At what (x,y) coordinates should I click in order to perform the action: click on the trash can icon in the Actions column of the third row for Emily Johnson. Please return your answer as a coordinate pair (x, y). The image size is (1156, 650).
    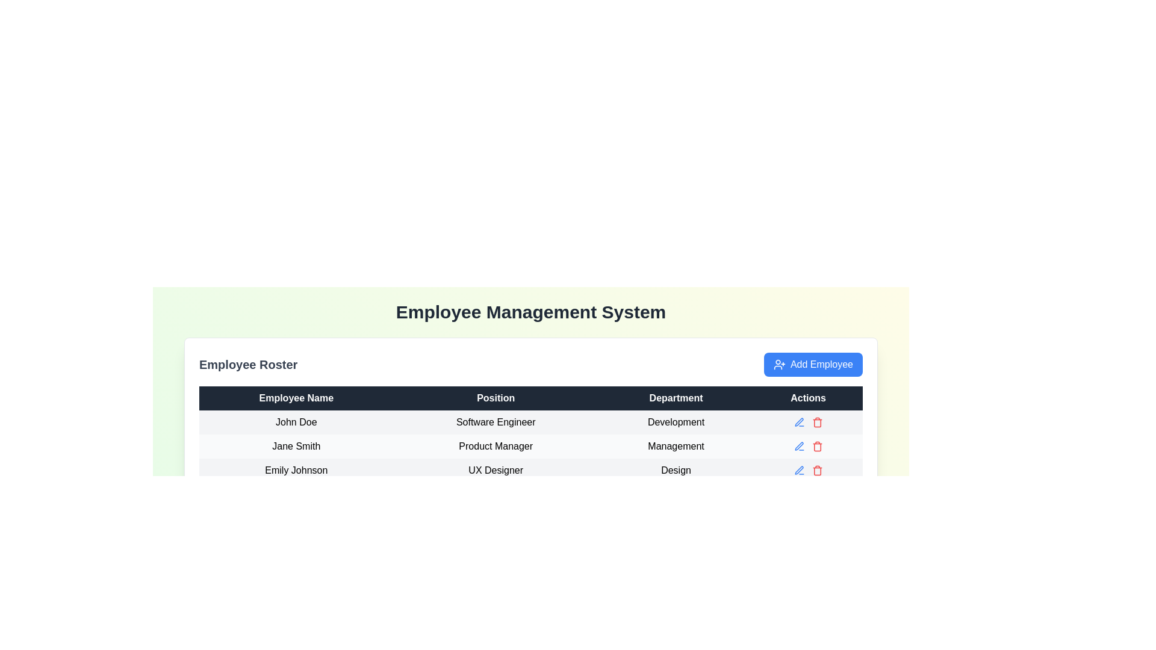
    Looking at the image, I should click on (817, 470).